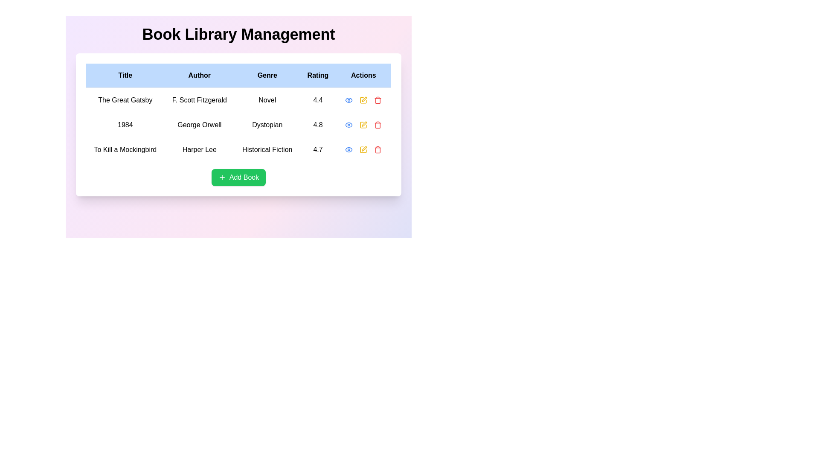 The width and height of the screenshot is (819, 461). I want to click on the small red trash can icon in the 'Actions' column of the table, so click(378, 125).